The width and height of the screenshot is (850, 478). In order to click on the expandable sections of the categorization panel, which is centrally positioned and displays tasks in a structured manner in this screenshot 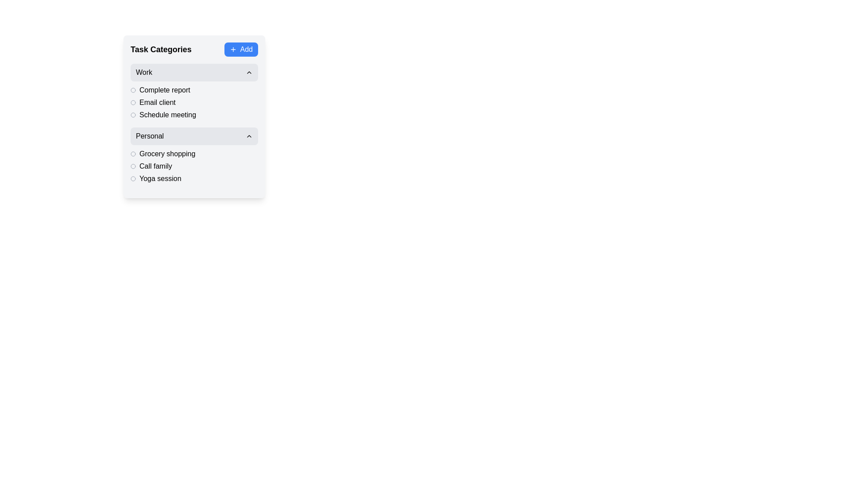, I will do `click(193, 116)`.